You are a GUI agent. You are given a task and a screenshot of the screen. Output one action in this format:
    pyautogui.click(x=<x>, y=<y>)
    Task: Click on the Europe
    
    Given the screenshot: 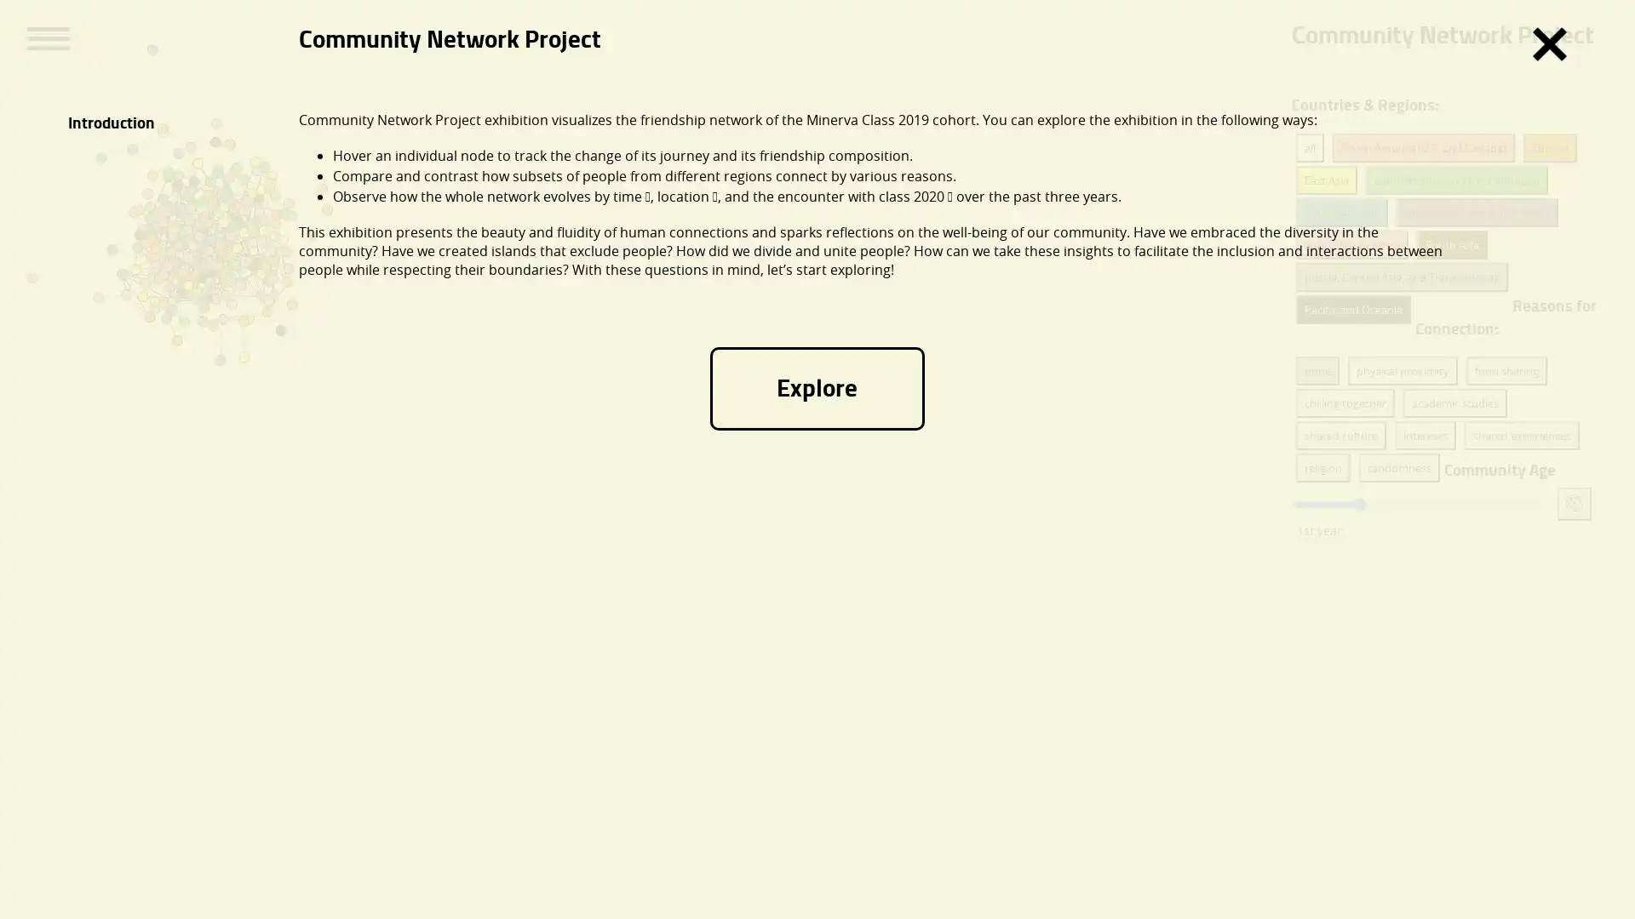 What is the action you would take?
    pyautogui.click(x=1550, y=146)
    